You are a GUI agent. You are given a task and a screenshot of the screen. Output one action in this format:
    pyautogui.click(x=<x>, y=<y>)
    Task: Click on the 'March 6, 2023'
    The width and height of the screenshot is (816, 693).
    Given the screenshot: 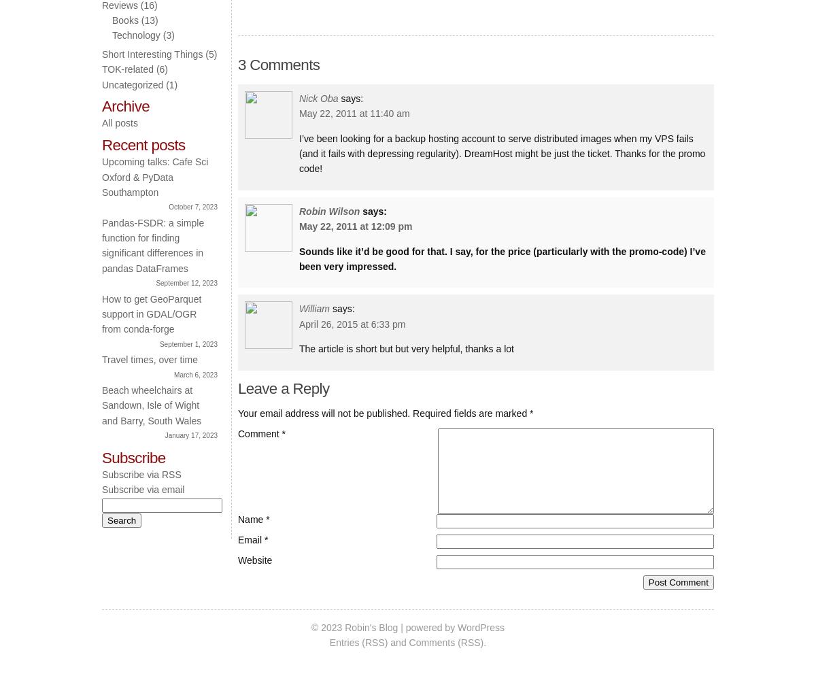 What is the action you would take?
    pyautogui.click(x=195, y=374)
    